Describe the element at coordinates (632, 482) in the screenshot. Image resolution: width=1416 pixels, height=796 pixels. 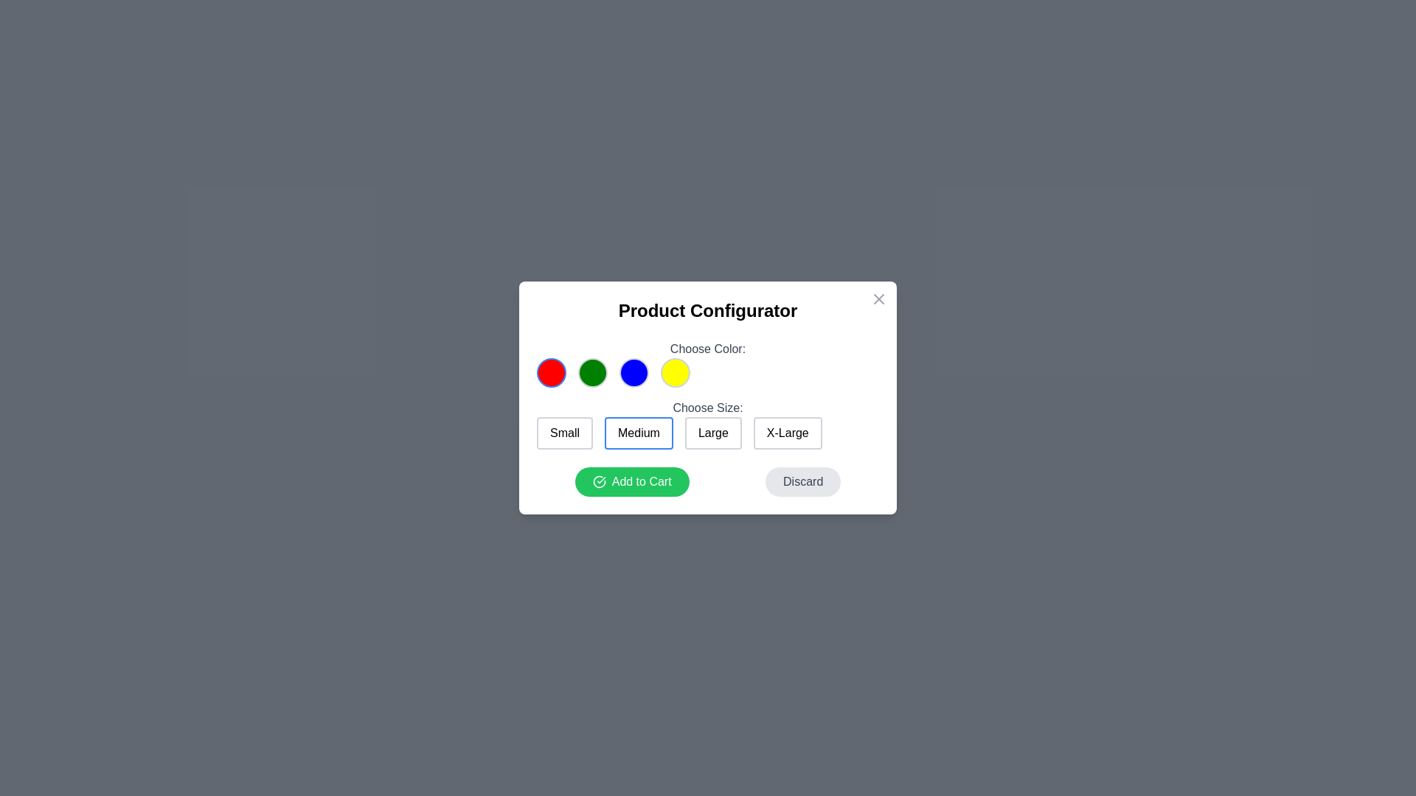
I see `the 'Add to Cart' button in the 'Product Configurator' dialog` at that location.